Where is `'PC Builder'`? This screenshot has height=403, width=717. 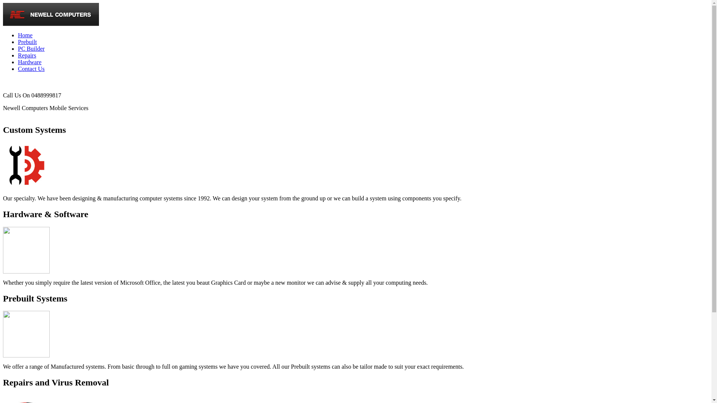 'PC Builder' is located at coordinates (31, 49).